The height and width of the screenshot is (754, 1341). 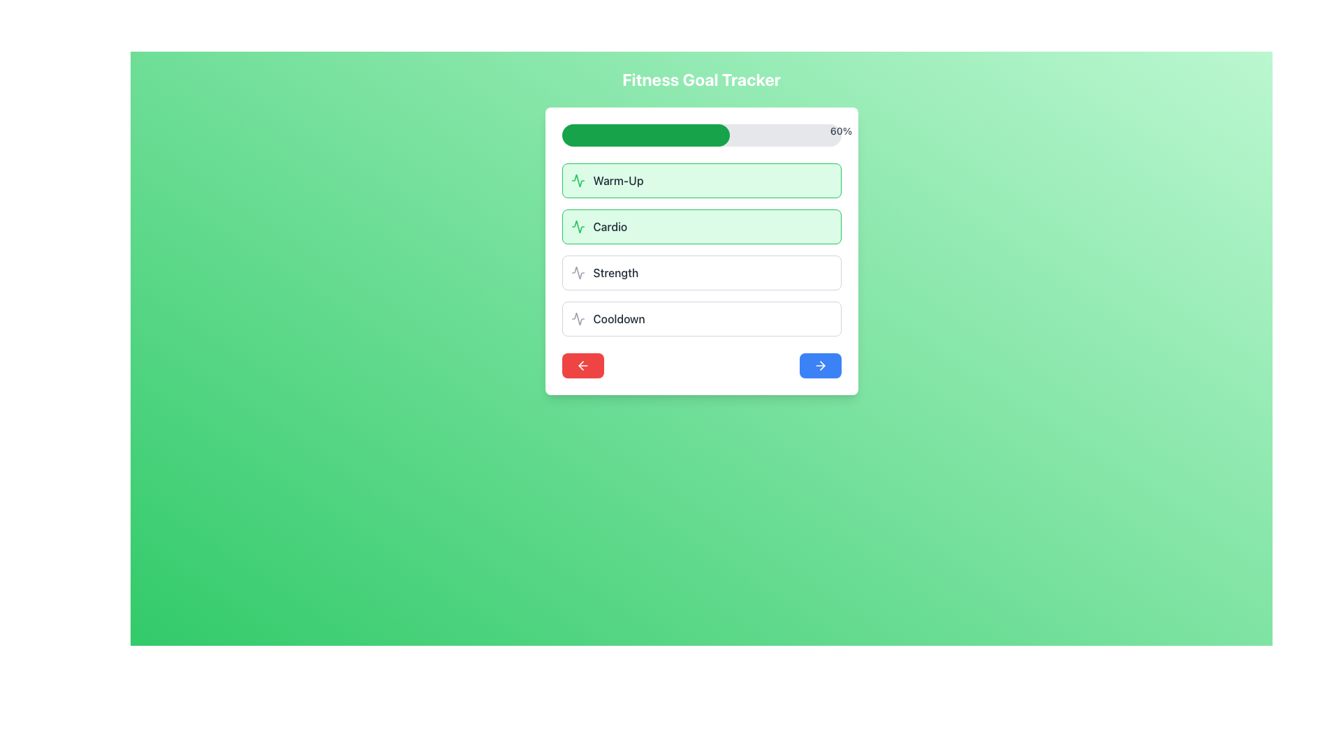 I want to click on the back navigation icon located at the left-hand side of the UI, which serves as a graphical representation for backward navigation, so click(x=580, y=365).